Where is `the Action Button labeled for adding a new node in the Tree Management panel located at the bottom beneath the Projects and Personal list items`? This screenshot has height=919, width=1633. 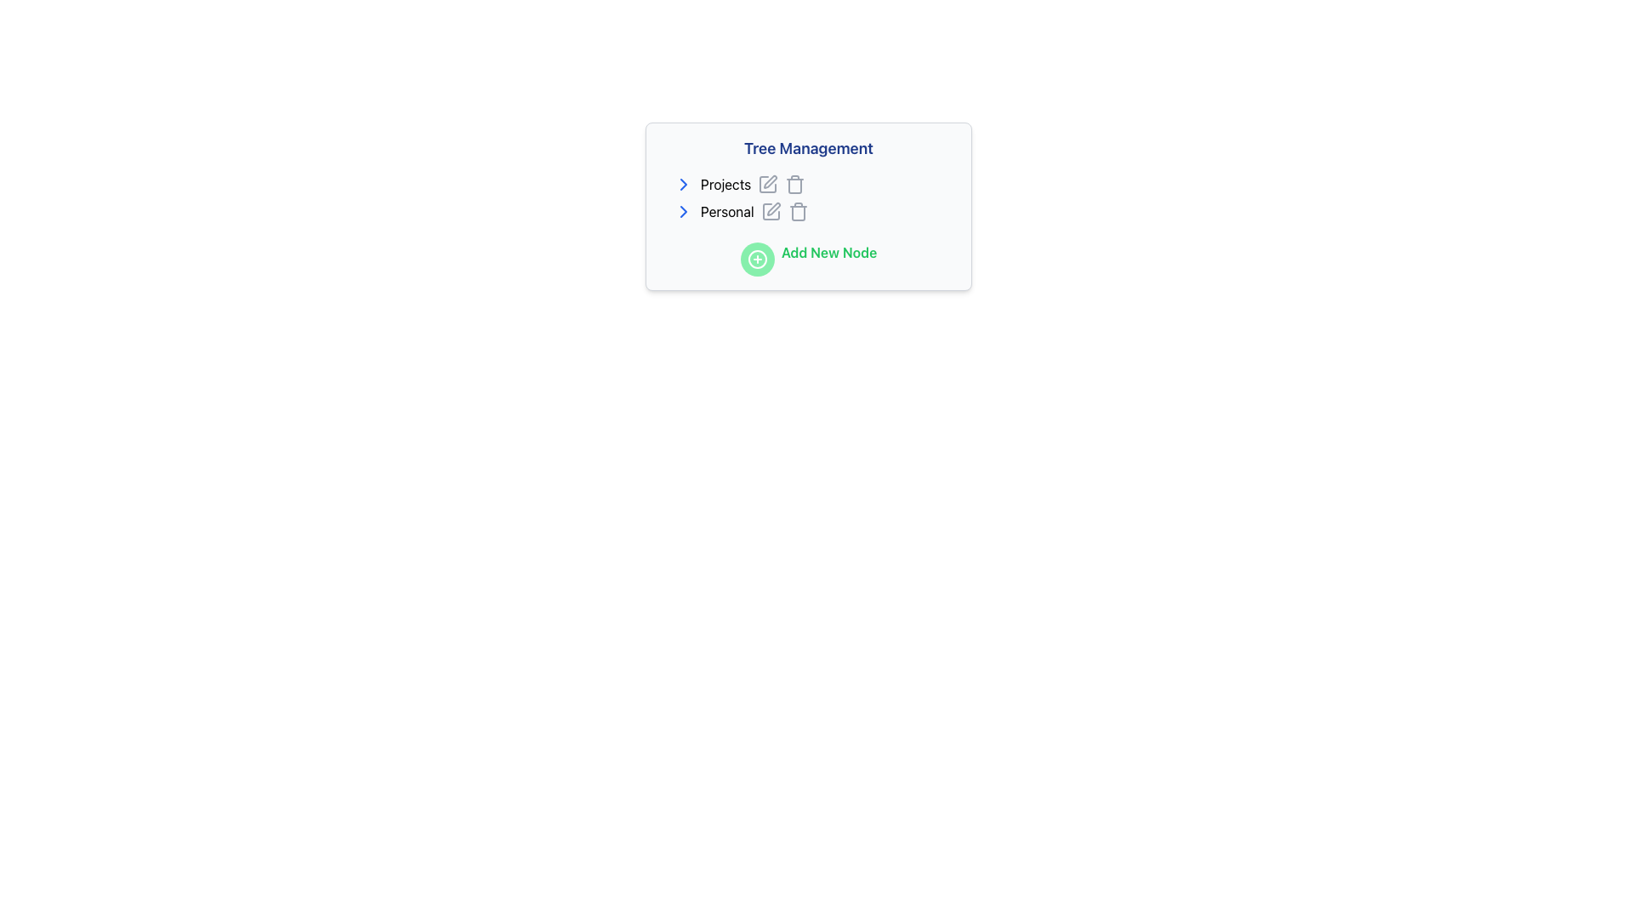 the Action Button labeled for adding a new node in the Tree Management panel located at the bottom beneath the Projects and Personal list items is located at coordinates (807, 259).